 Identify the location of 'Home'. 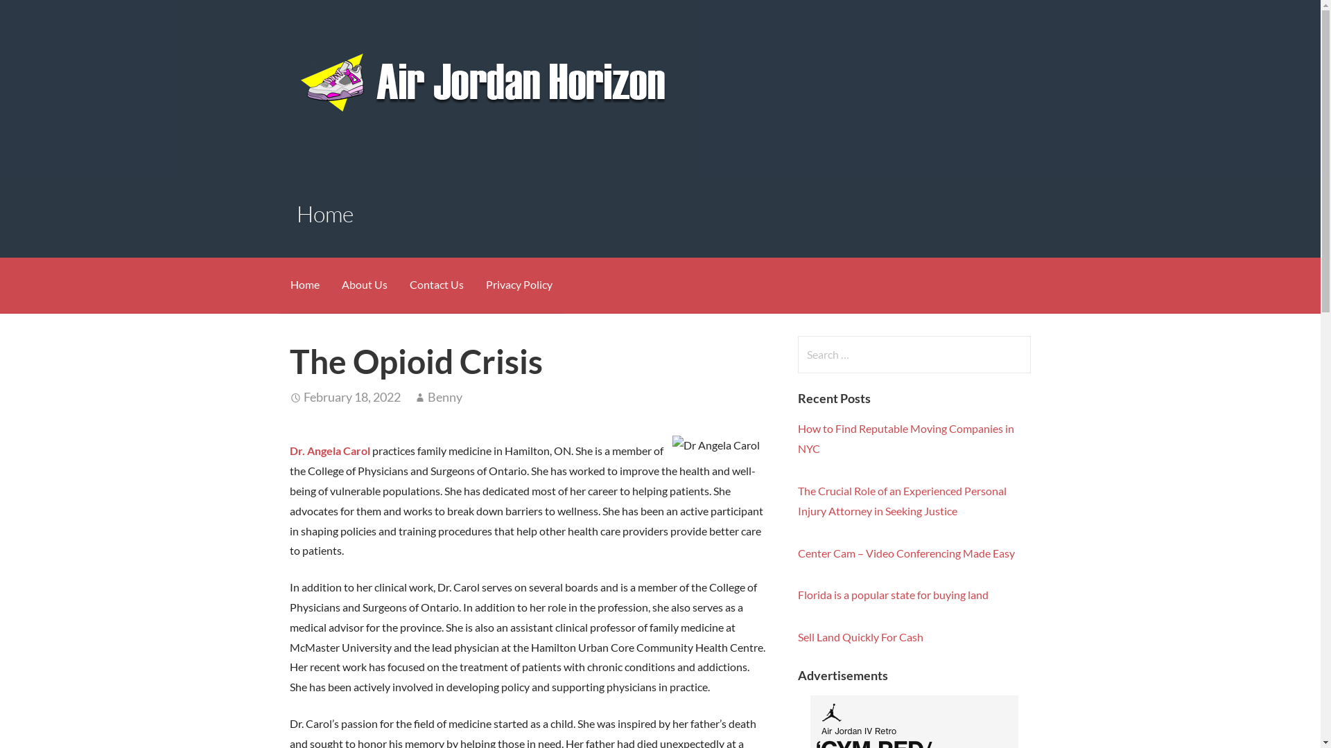
(303, 285).